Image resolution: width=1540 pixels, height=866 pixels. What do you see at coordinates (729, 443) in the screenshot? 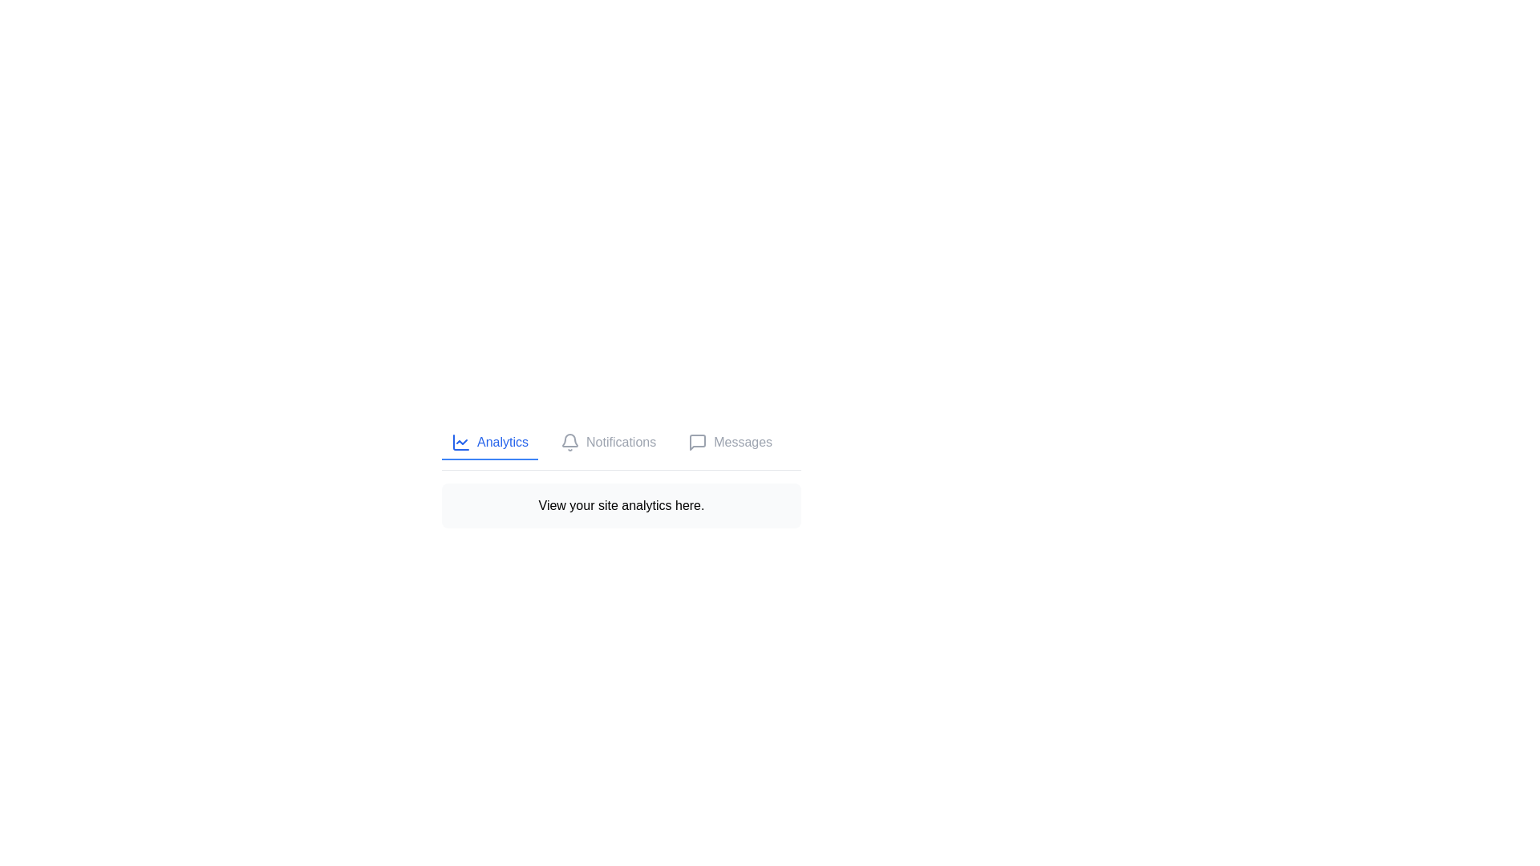
I see `the tab associated with Messages` at bounding box center [729, 443].